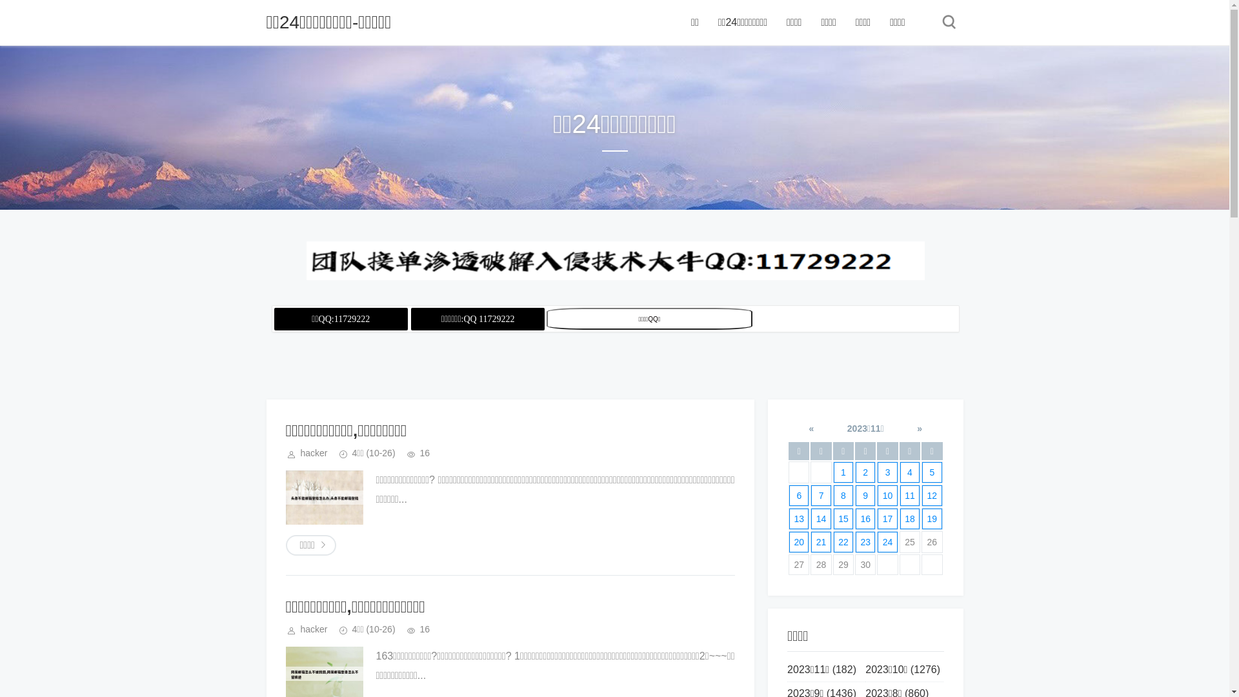 Image resolution: width=1239 pixels, height=697 pixels. I want to click on '1', so click(843, 472).